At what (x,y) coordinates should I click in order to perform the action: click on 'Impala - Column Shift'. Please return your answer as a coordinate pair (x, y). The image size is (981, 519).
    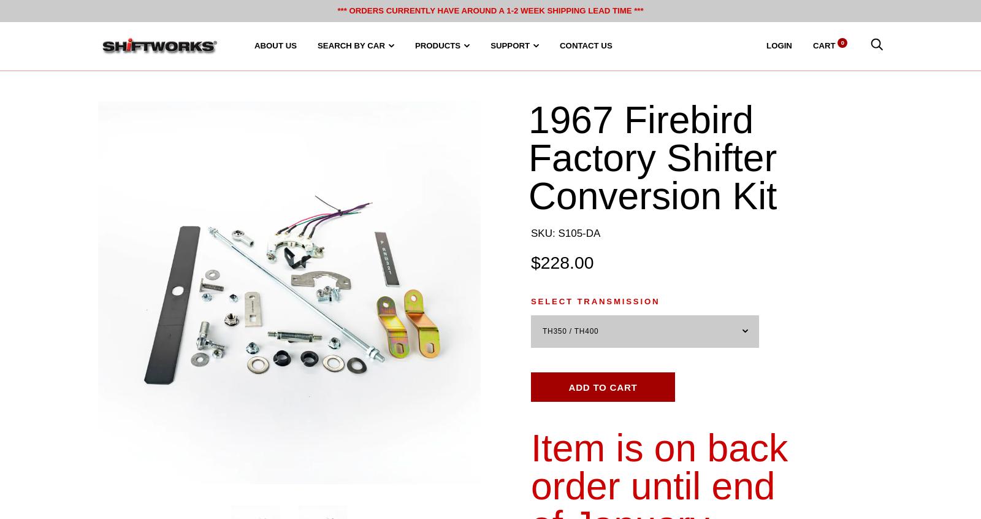
    Looking at the image, I should click on (518, 241).